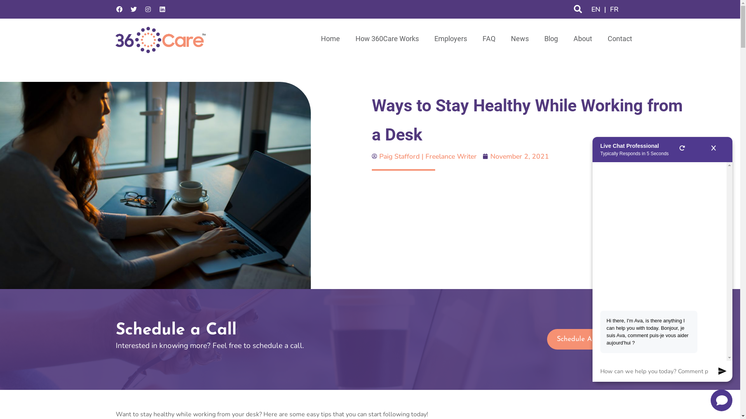 The image size is (746, 419). I want to click on 'Contact', so click(600, 39).